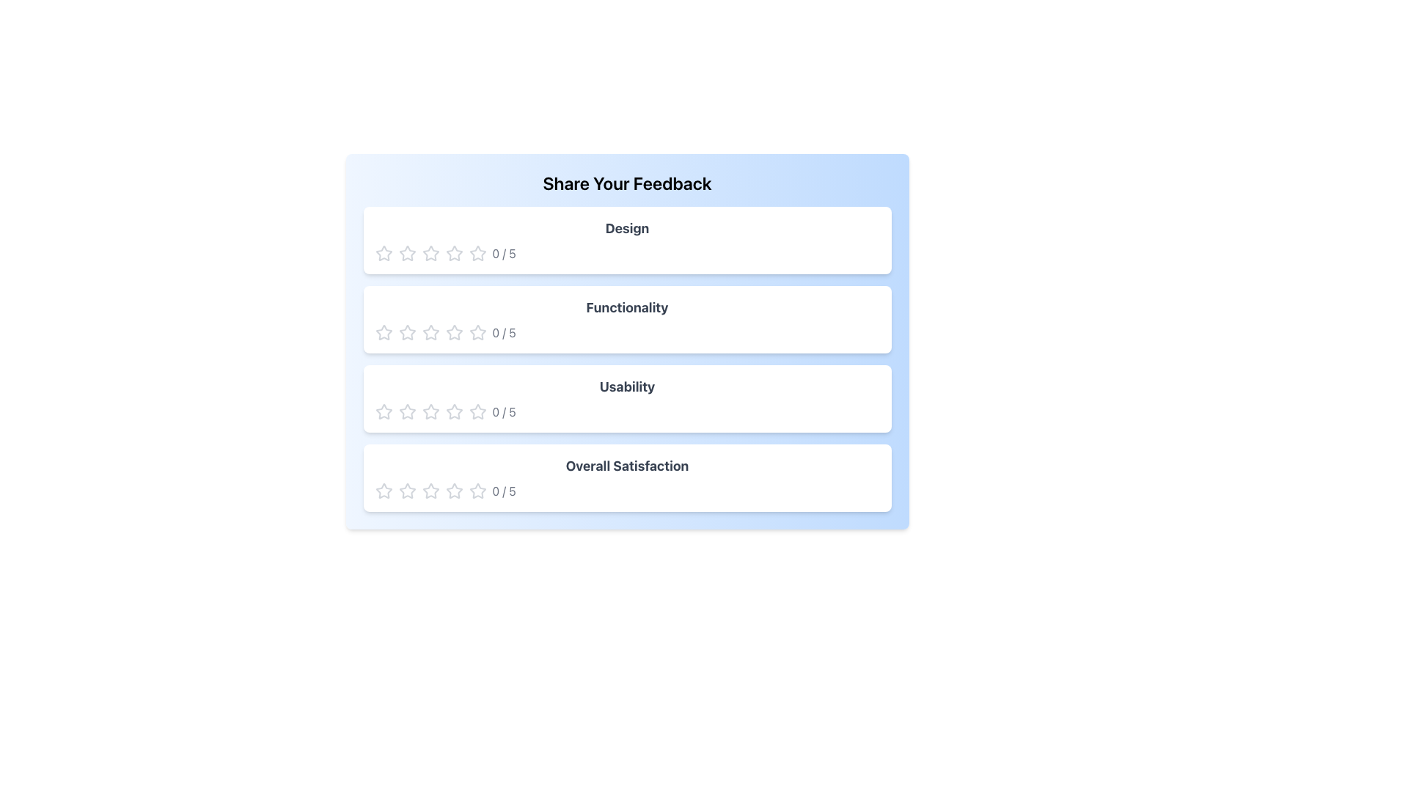 The image size is (1408, 792). What do you see at coordinates (627, 491) in the screenshot?
I see `the current rating displayed in the Rating Widget showing '0 / 5' with empty star icons for no rating yet` at bounding box center [627, 491].